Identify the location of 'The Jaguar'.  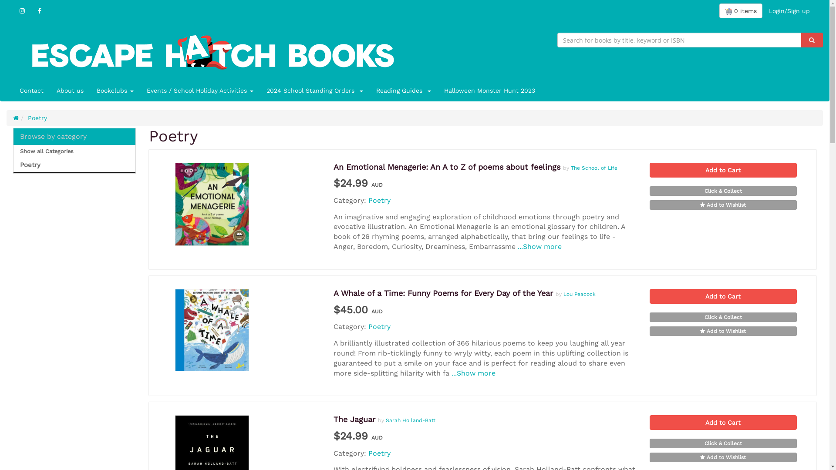
(354, 419).